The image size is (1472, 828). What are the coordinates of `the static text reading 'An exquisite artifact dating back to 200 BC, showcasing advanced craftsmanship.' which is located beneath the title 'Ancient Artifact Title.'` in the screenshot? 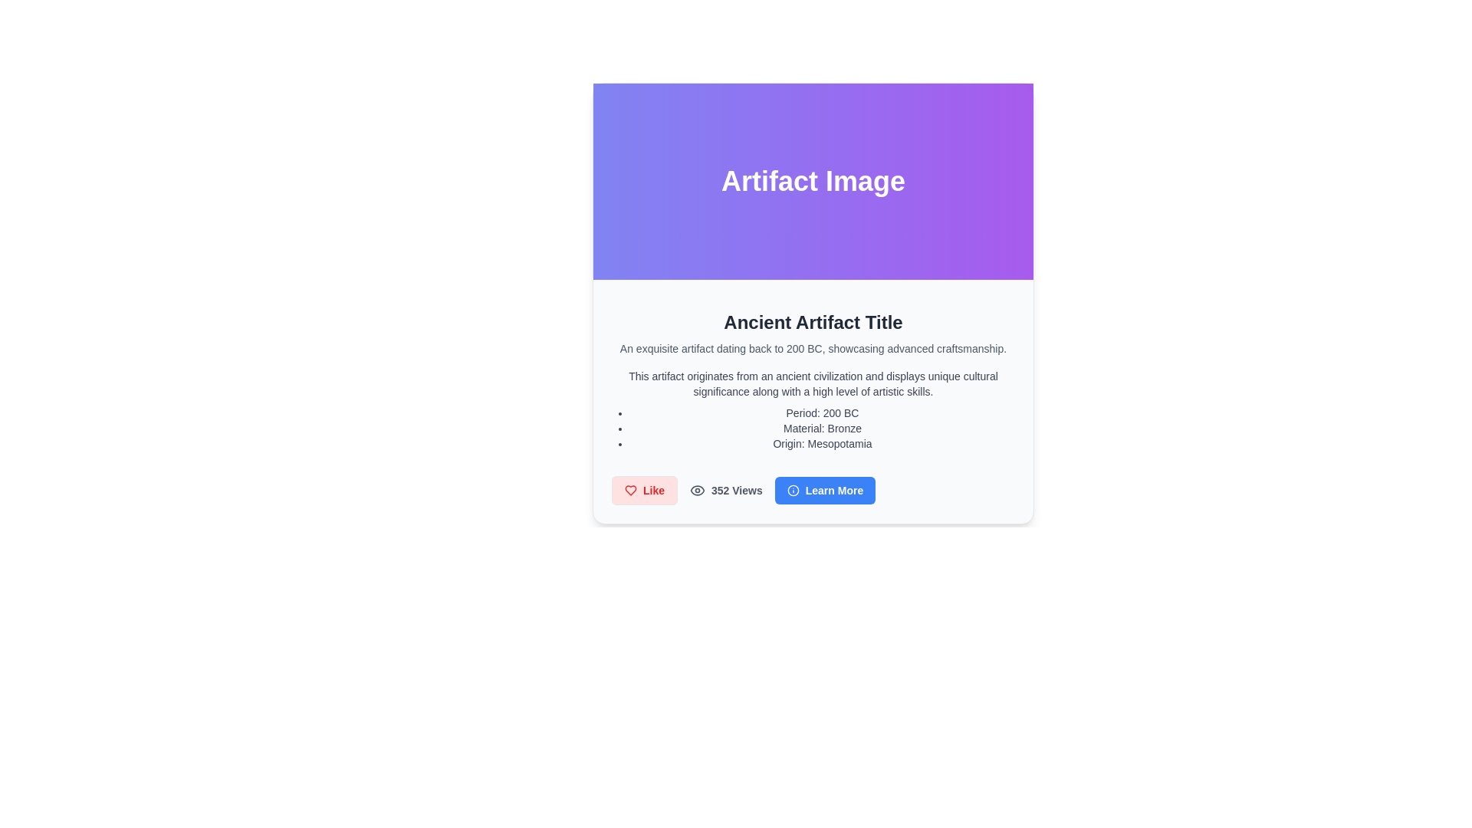 It's located at (812, 349).